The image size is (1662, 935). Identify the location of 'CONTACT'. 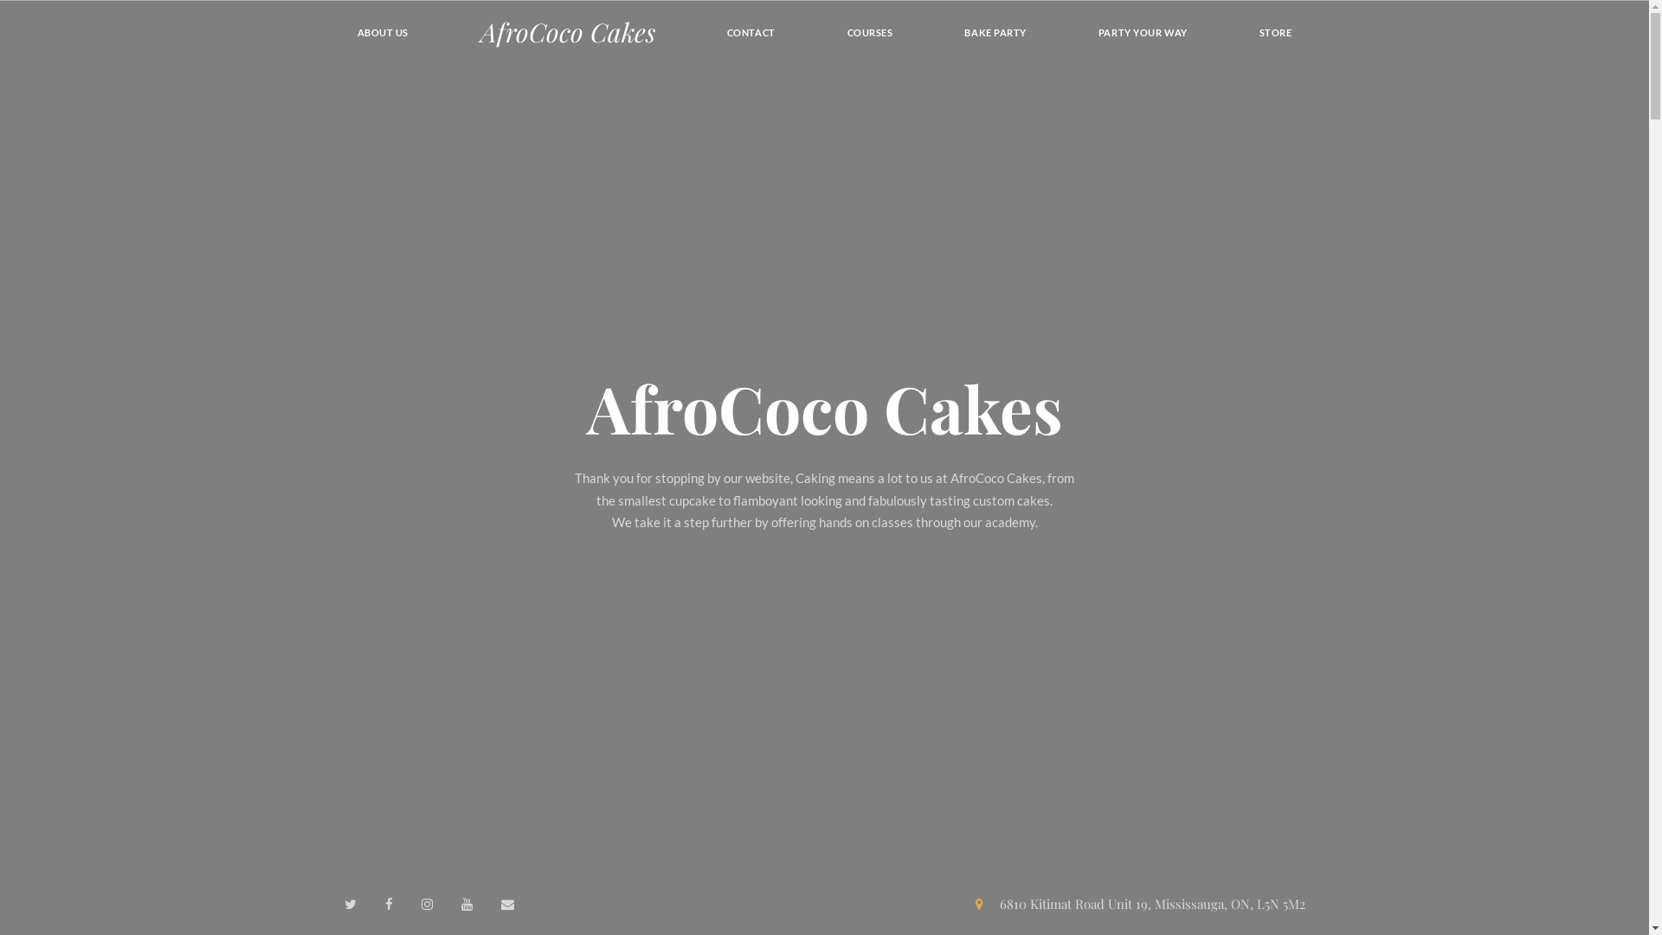
(751, 32).